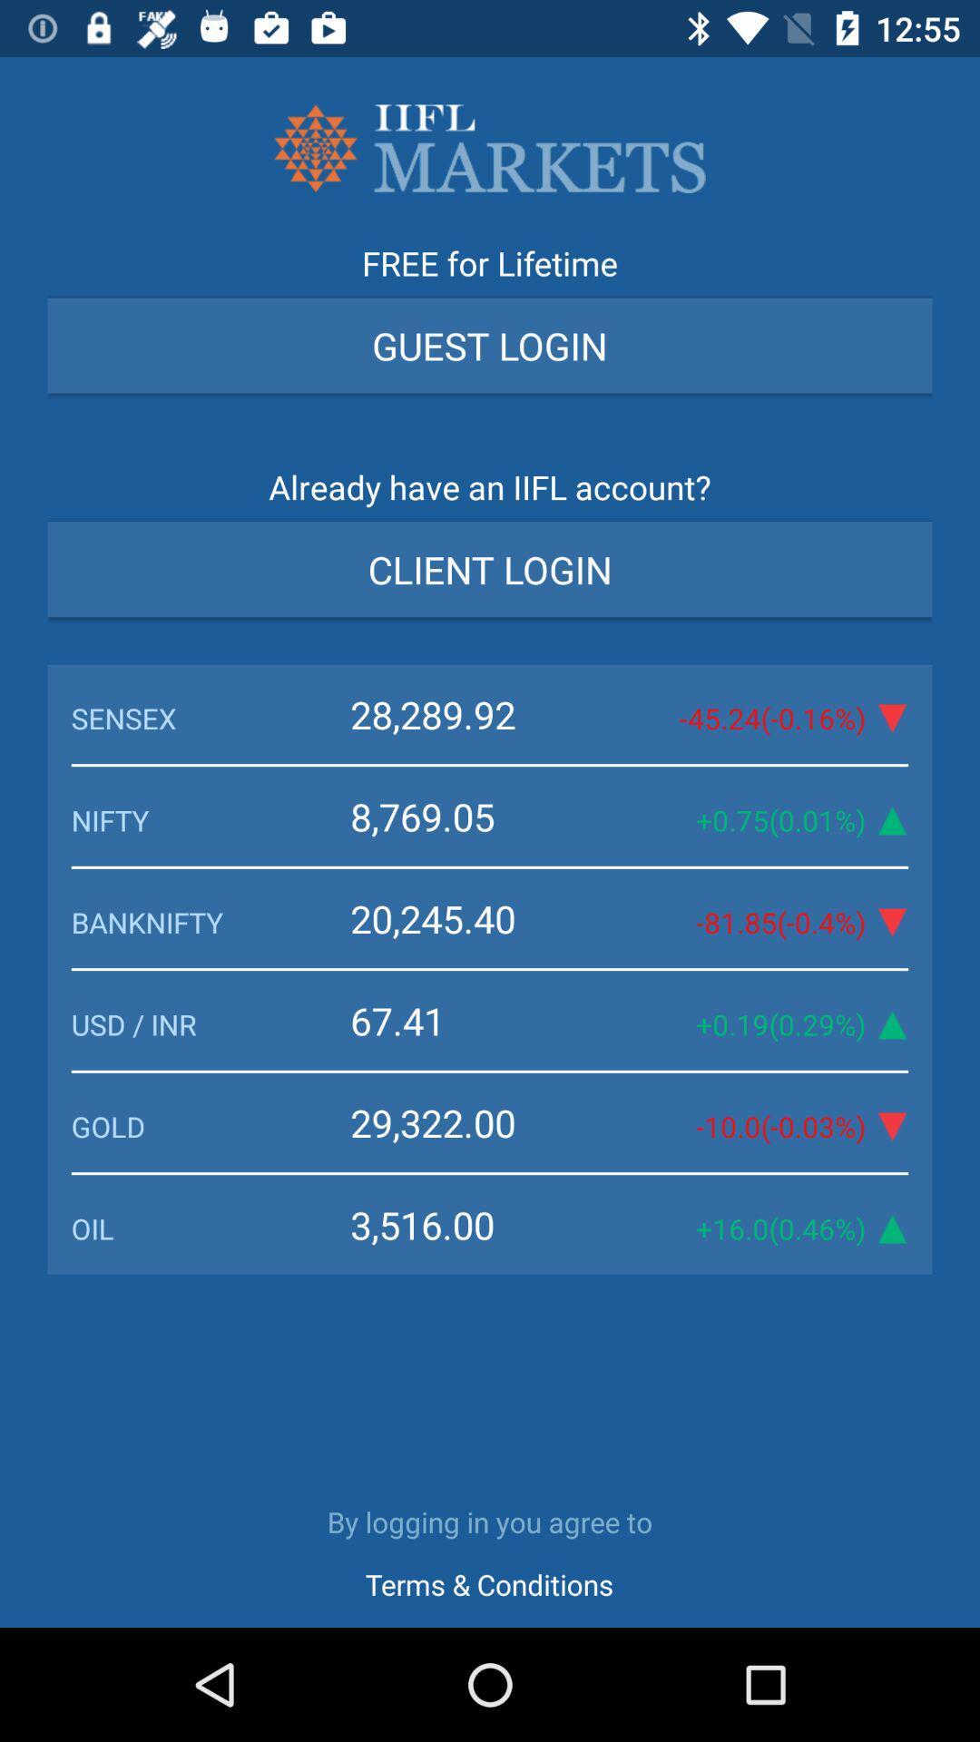 This screenshot has width=980, height=1742. What do you see at coordinates (755, 922) in the screenshot?
I see `the 81 85 0 icon` at bounding box center [755, 922].